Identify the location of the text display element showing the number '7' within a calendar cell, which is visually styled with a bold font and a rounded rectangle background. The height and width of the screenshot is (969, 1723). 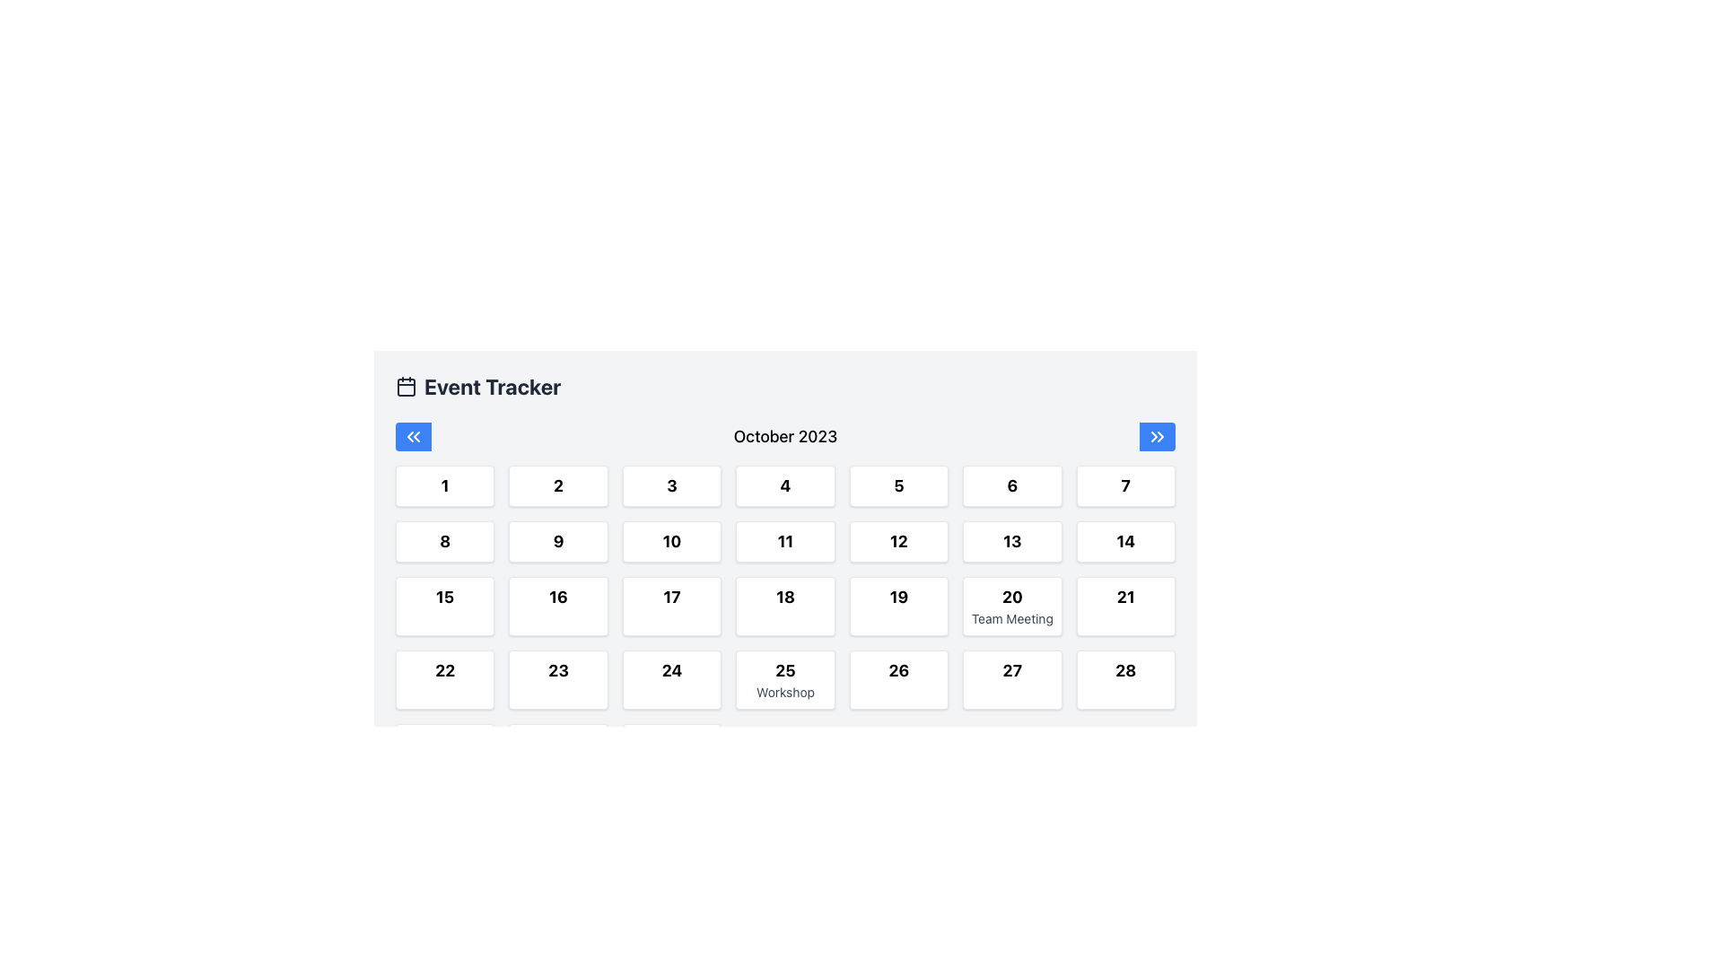
(1124, 486).